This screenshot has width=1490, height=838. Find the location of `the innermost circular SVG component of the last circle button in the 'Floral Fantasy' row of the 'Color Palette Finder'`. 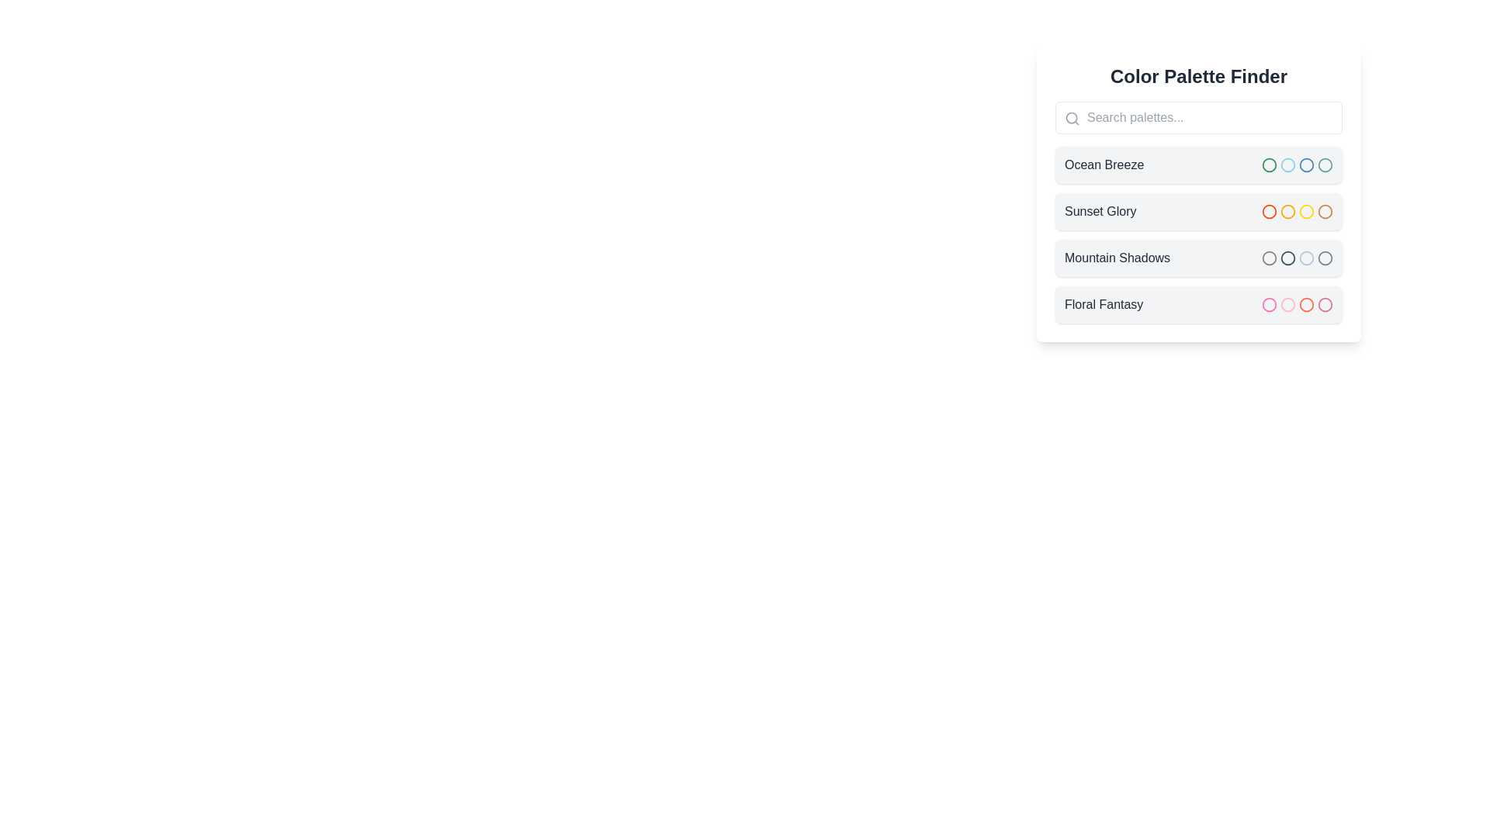

the innermost circular SVG component of the last circle button in the 'Floral Fantasy' row of the 'Color Palette Finder' is located at coordinates (1325, 305).